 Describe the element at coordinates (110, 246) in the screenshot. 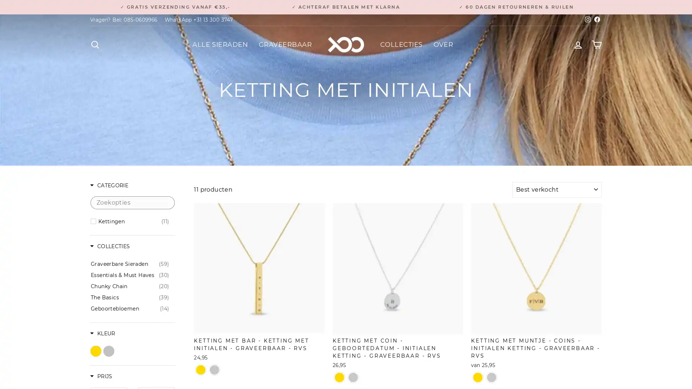

I see `Filter by Collecties` at that location.